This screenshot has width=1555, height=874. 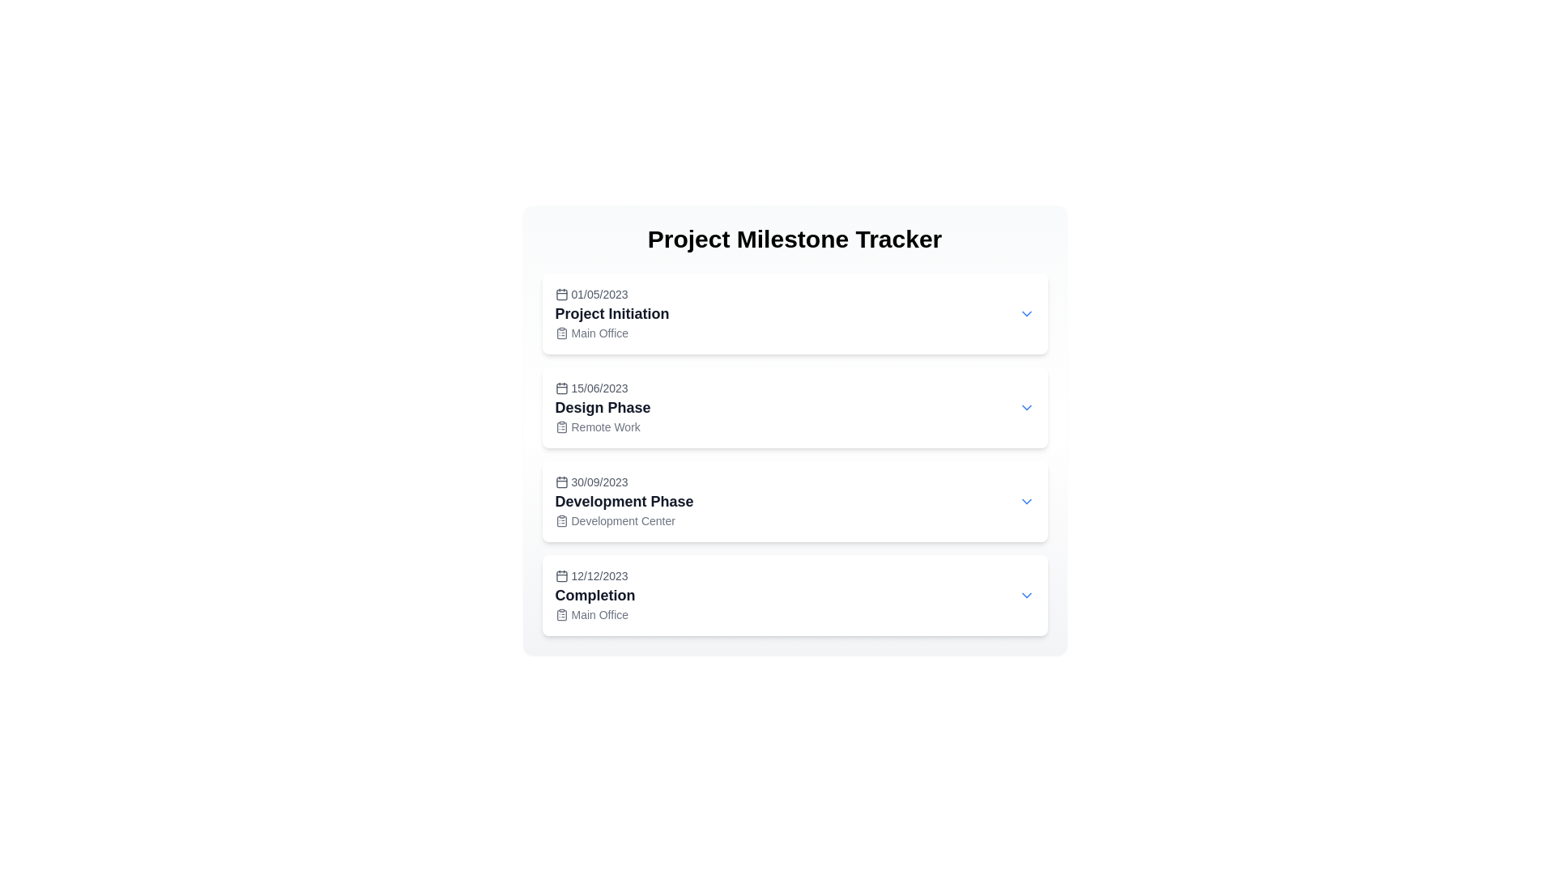 I want to click on the downward-facing chevron icon styled in blue for keyboard navigation, located in the 'Design Phase' section beside the header text, so click(x=1025, y=407).